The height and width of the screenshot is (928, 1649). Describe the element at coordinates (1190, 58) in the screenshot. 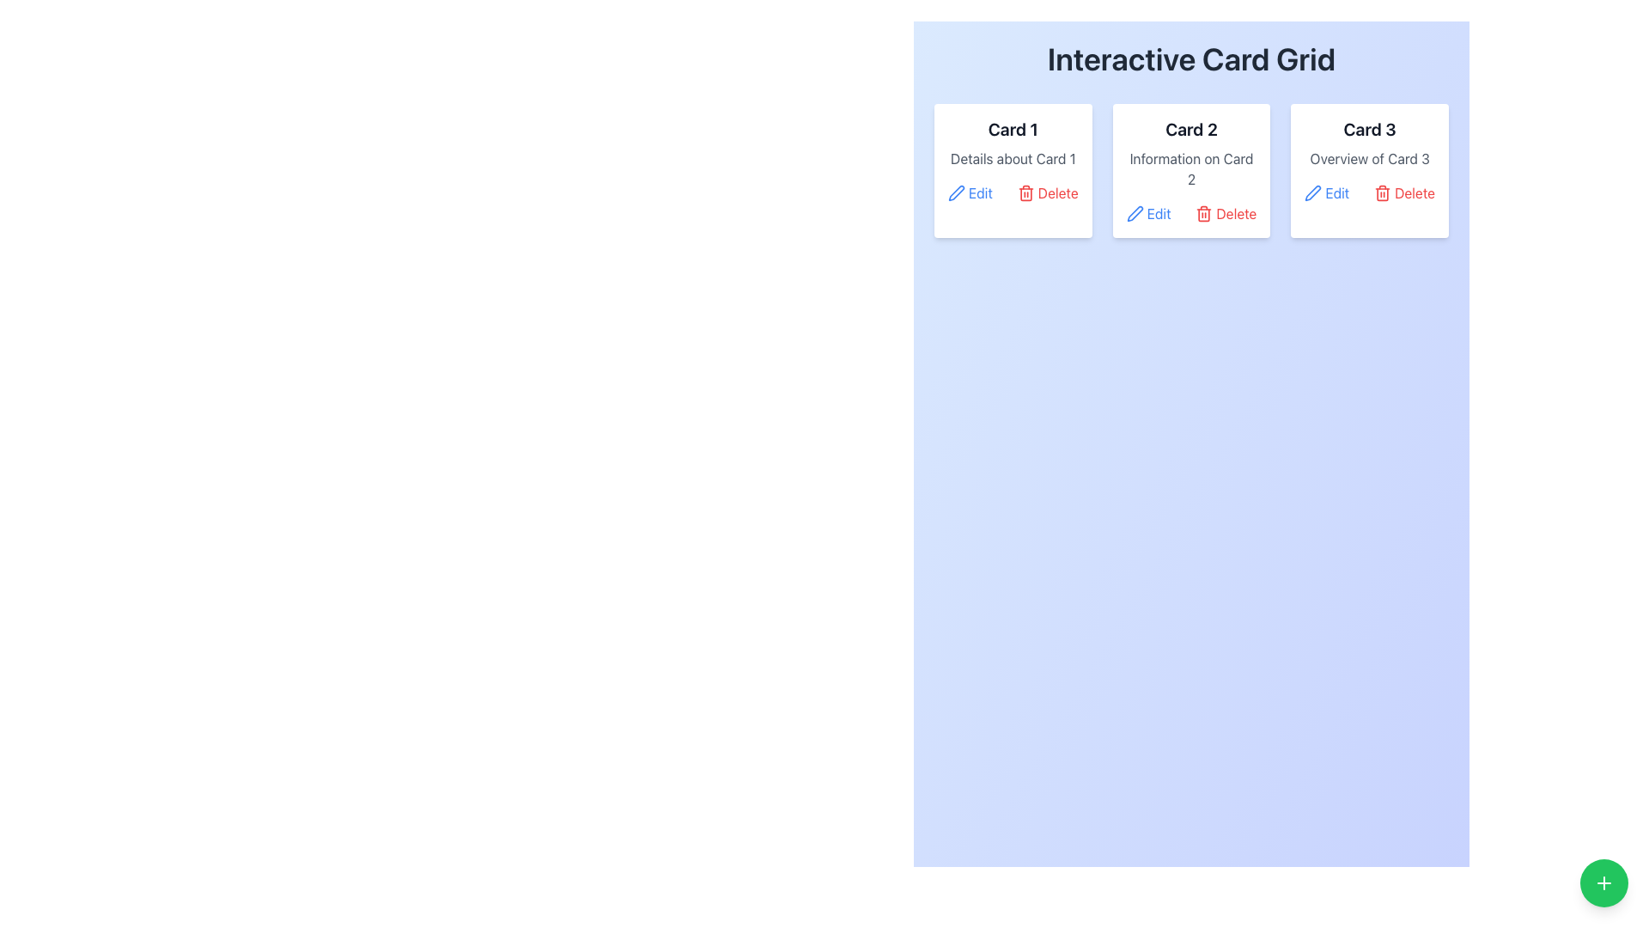

I see `the bold, large-sized textual heading labeled 'Interactive Card Grid' which is prominently displayed at the top center of the interface` at that location.